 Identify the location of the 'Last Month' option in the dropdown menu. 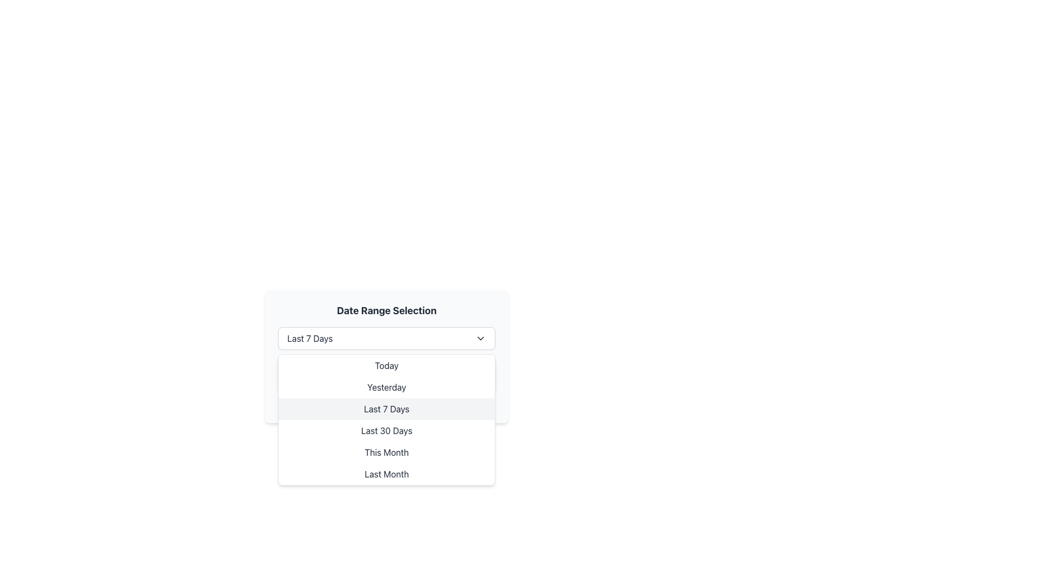
(386, 474).